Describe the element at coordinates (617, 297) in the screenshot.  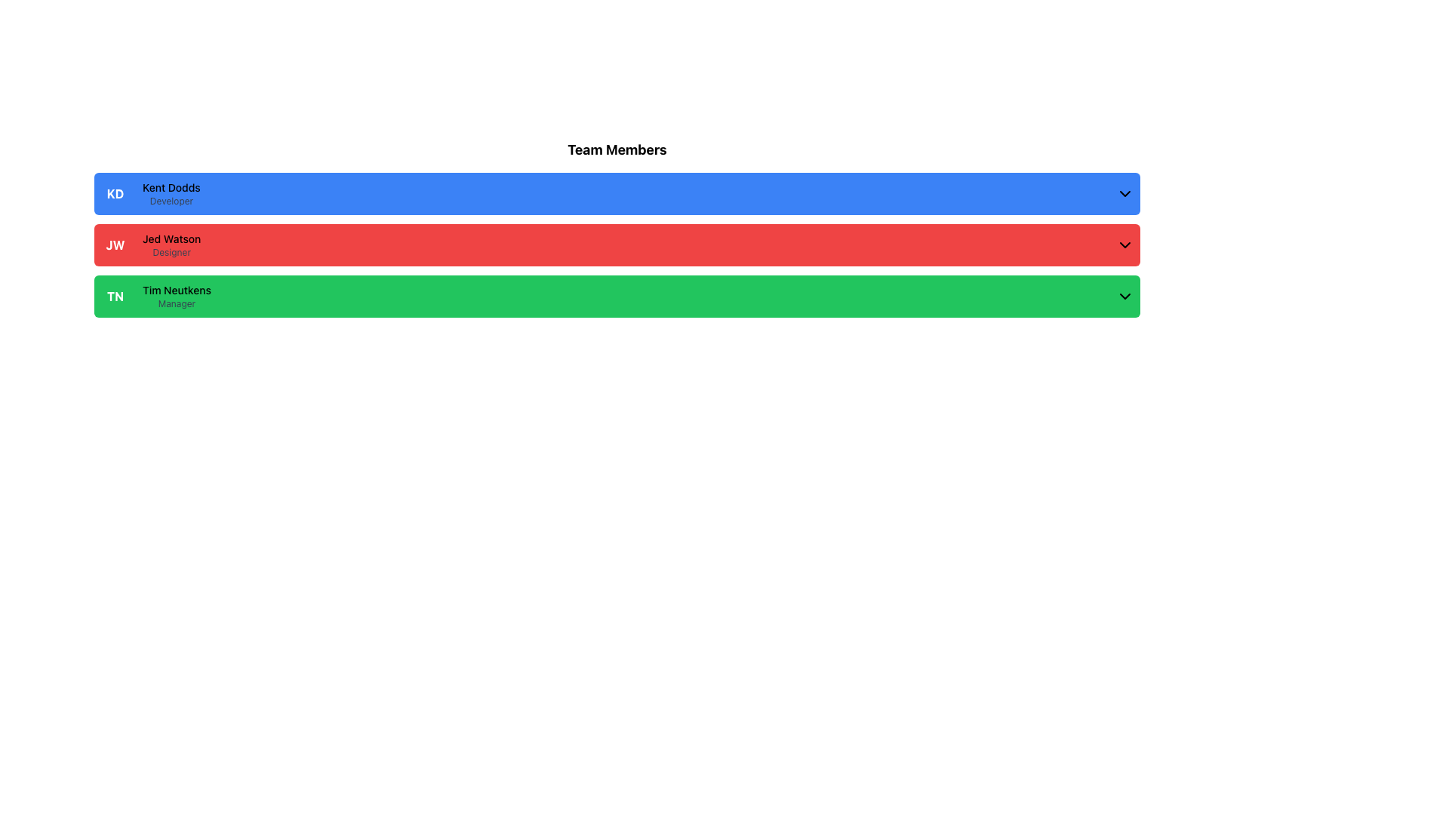
I see `keyboard navigation` at that location.